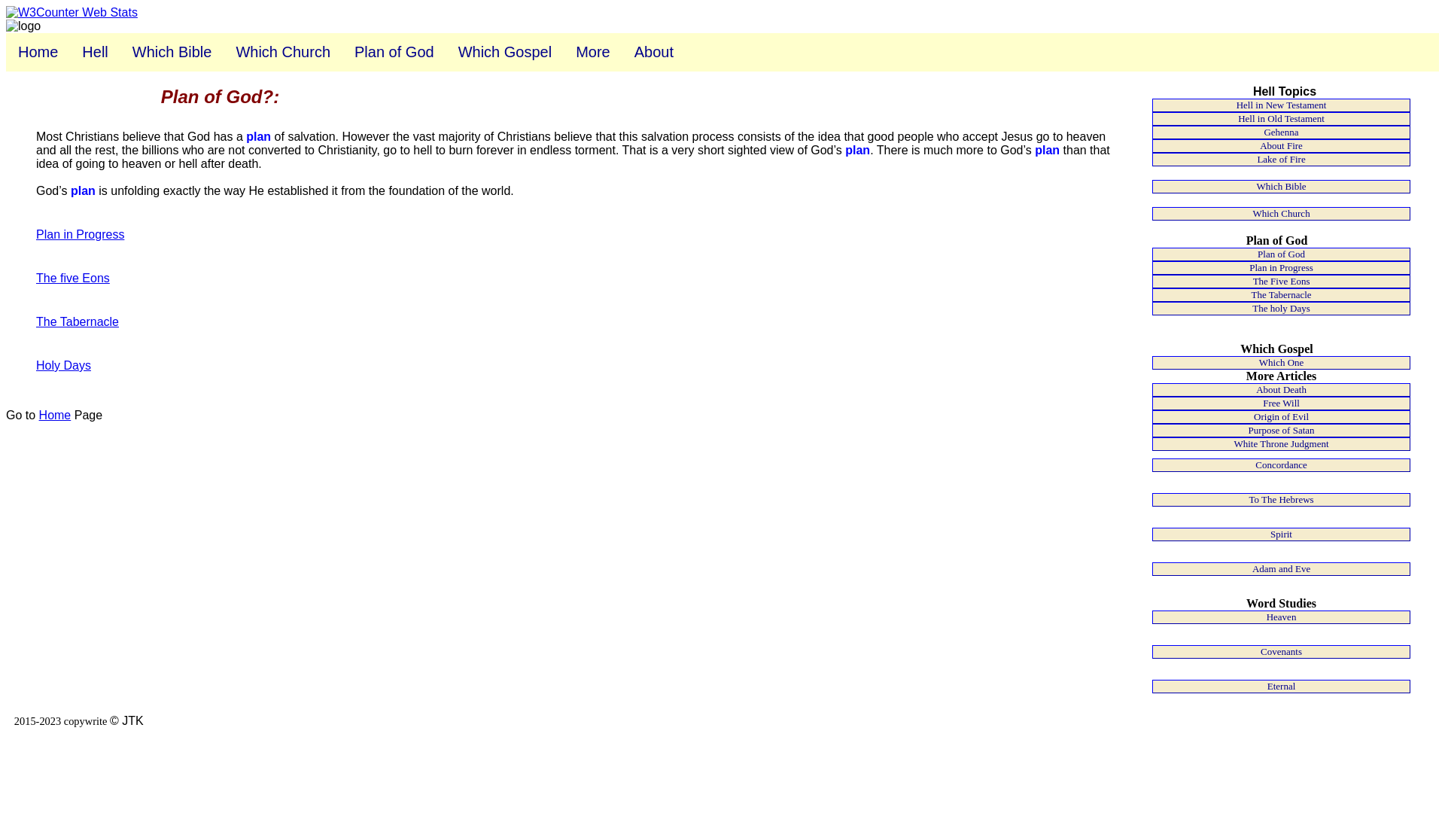  What do you see at coordinates (76, 321) in the screenshot?
I see `'The Tabernacle'` at bounding box center [76, 321].